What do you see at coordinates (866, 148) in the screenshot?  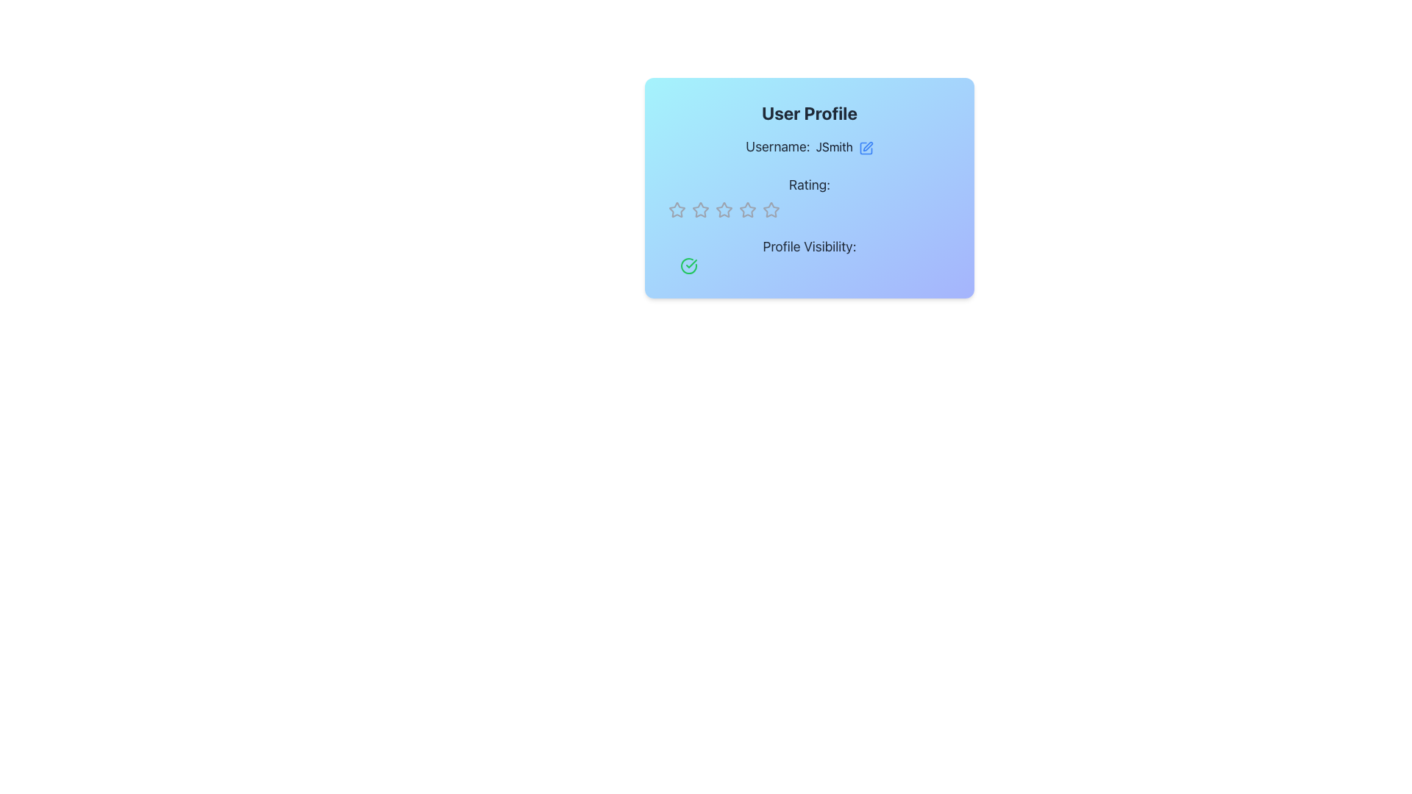 I see `the edit icon next to the username 'JSmith' in the user profile box` at bounding box center [866, 148].